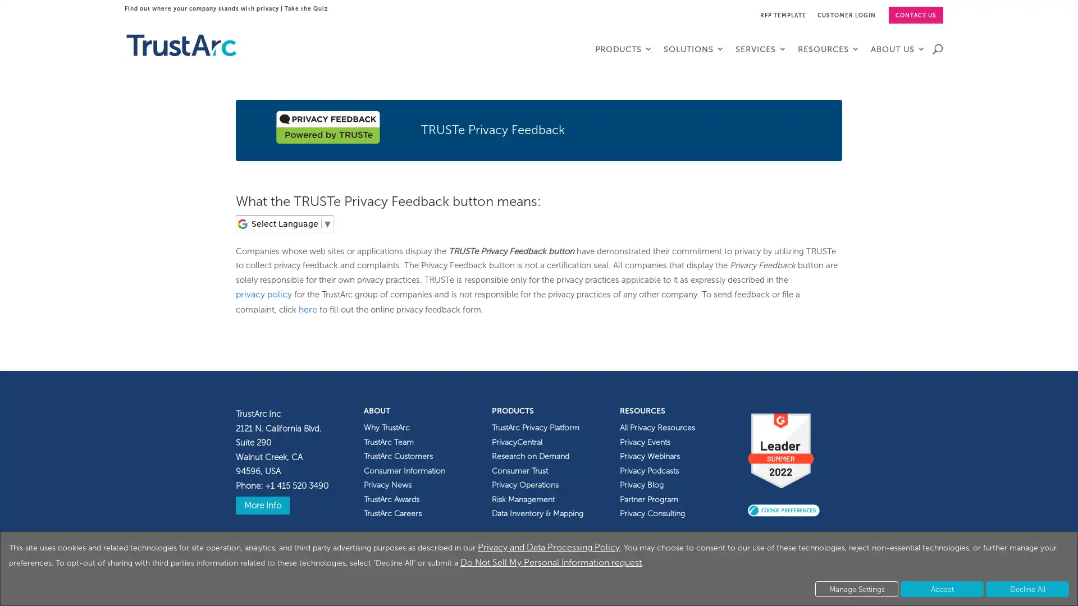 Image resolution: width=1078 pixels, height=606 pixels. What do you see at coordinates (1027, 588) in the screenshot?
I see `Decline All` at bounding box center [1027, 588].